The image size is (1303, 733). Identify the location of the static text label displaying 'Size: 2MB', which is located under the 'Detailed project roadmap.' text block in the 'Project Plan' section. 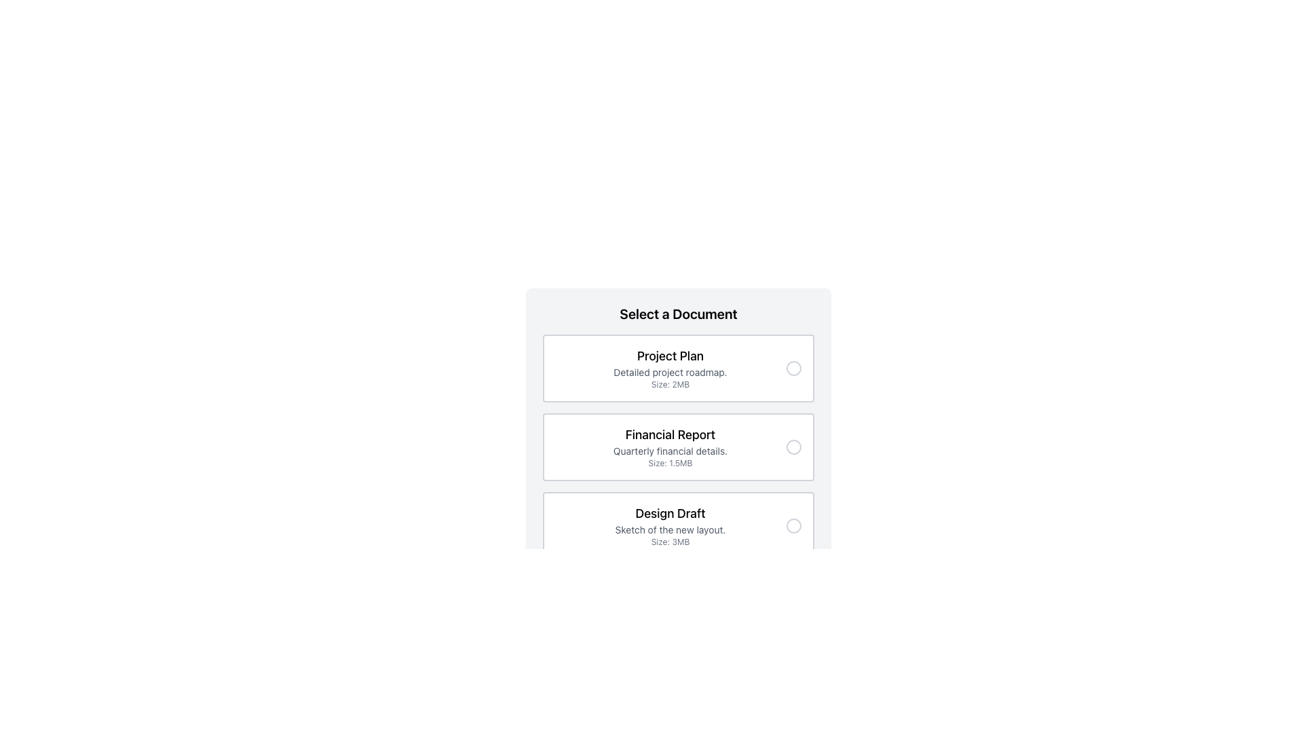
(671, 385).